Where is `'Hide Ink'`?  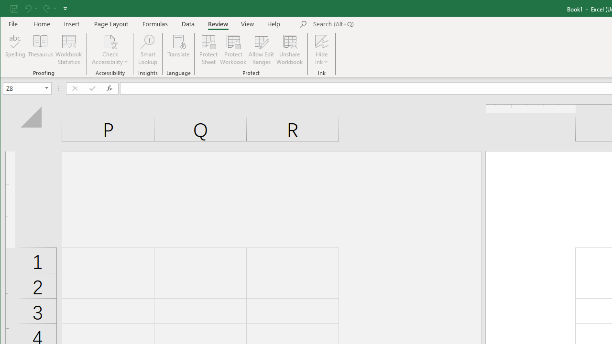 'Hide Ink' is located at coordinates (321, 50).